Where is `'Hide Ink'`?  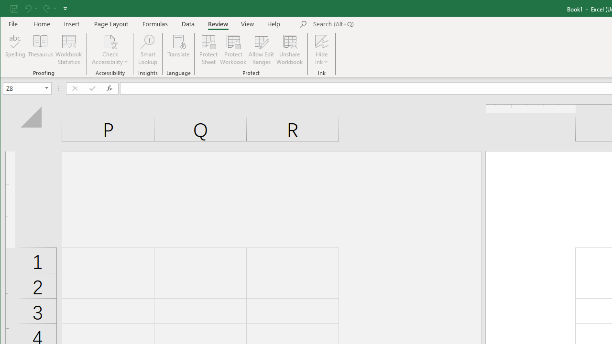 'Hide Ink' is located at coordinates (321, 50).